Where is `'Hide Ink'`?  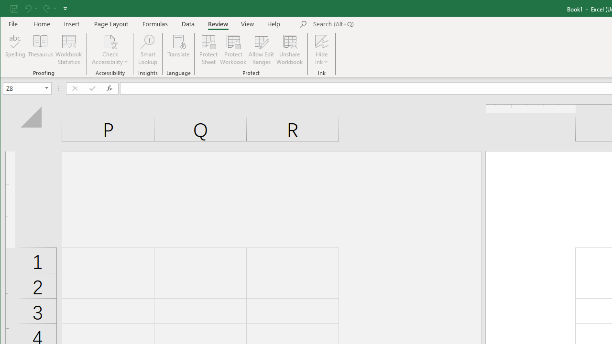 'Hide Ink' is located at coordinates (321, 50).